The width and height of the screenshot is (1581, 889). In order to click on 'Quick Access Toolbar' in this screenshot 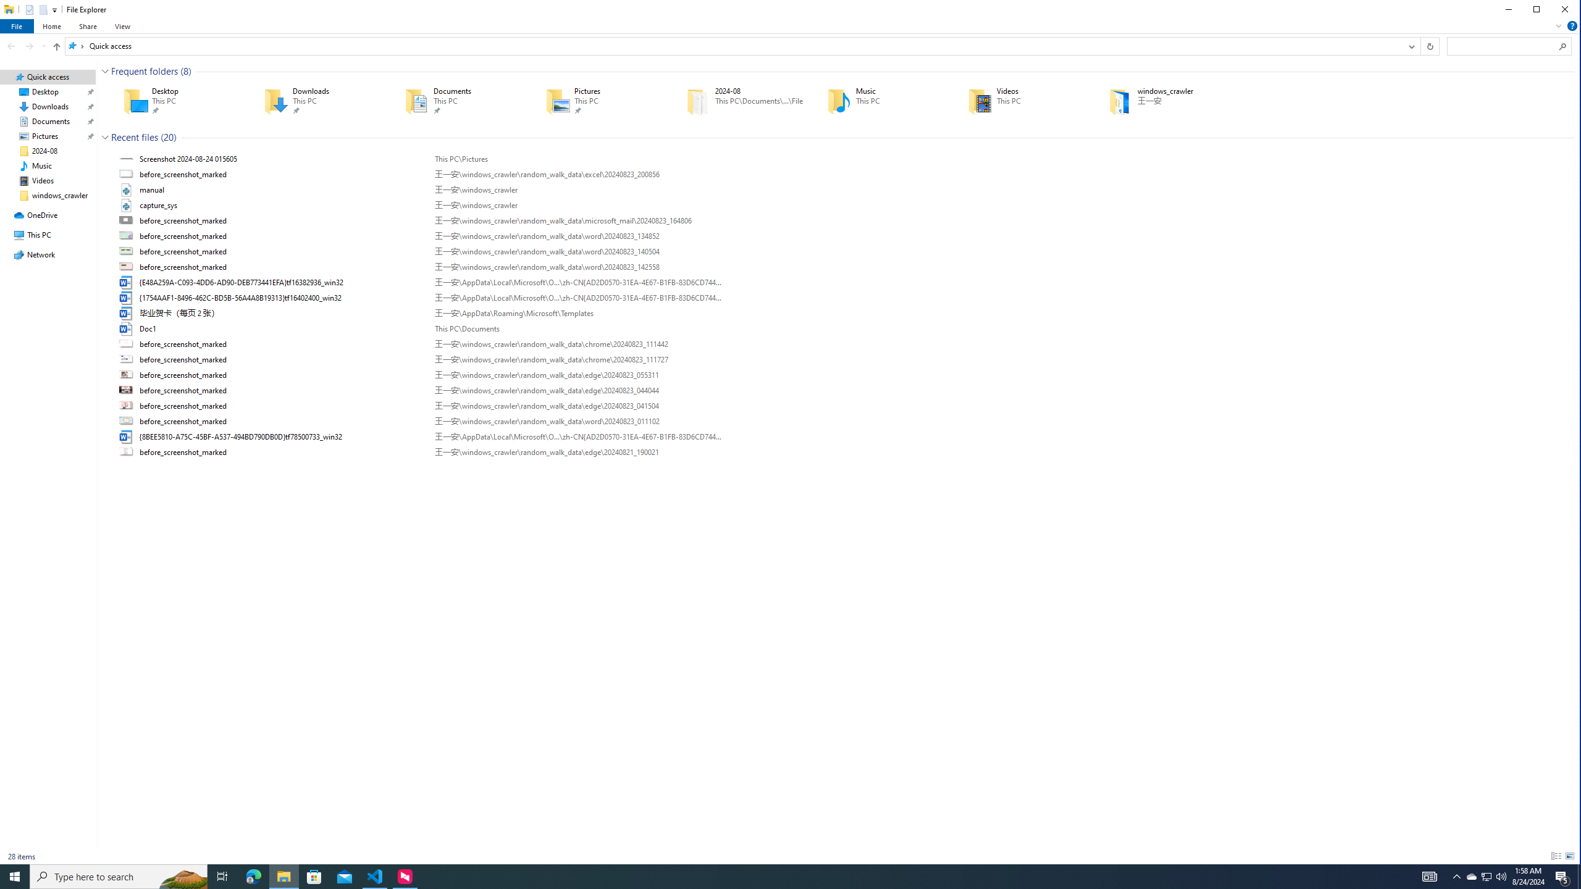, I will do `click(35, 9)`.